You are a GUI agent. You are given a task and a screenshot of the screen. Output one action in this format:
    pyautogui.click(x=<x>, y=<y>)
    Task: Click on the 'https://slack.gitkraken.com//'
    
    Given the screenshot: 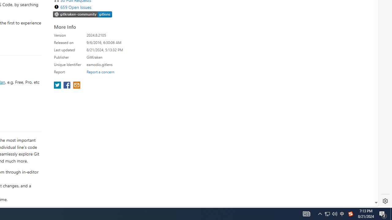 What is the action you would take?
    pyautogui.click(x=82, y=14)
    